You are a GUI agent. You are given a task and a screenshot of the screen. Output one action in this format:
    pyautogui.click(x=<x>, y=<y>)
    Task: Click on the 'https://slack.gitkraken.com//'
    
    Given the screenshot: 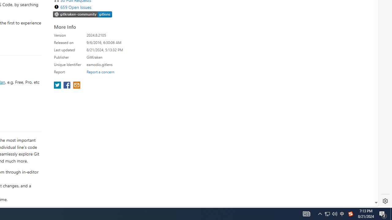 What is the action you would take?
    pyautogui.click(x=82, y=14)
    